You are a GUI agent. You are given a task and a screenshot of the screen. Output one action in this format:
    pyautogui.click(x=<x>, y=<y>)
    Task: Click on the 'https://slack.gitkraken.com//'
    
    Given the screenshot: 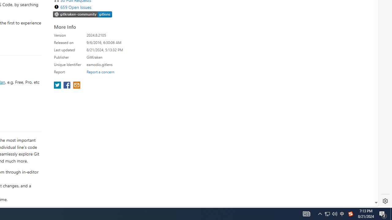 What is the action you would take?
    pyautogui.click(x=82, y=14)
    